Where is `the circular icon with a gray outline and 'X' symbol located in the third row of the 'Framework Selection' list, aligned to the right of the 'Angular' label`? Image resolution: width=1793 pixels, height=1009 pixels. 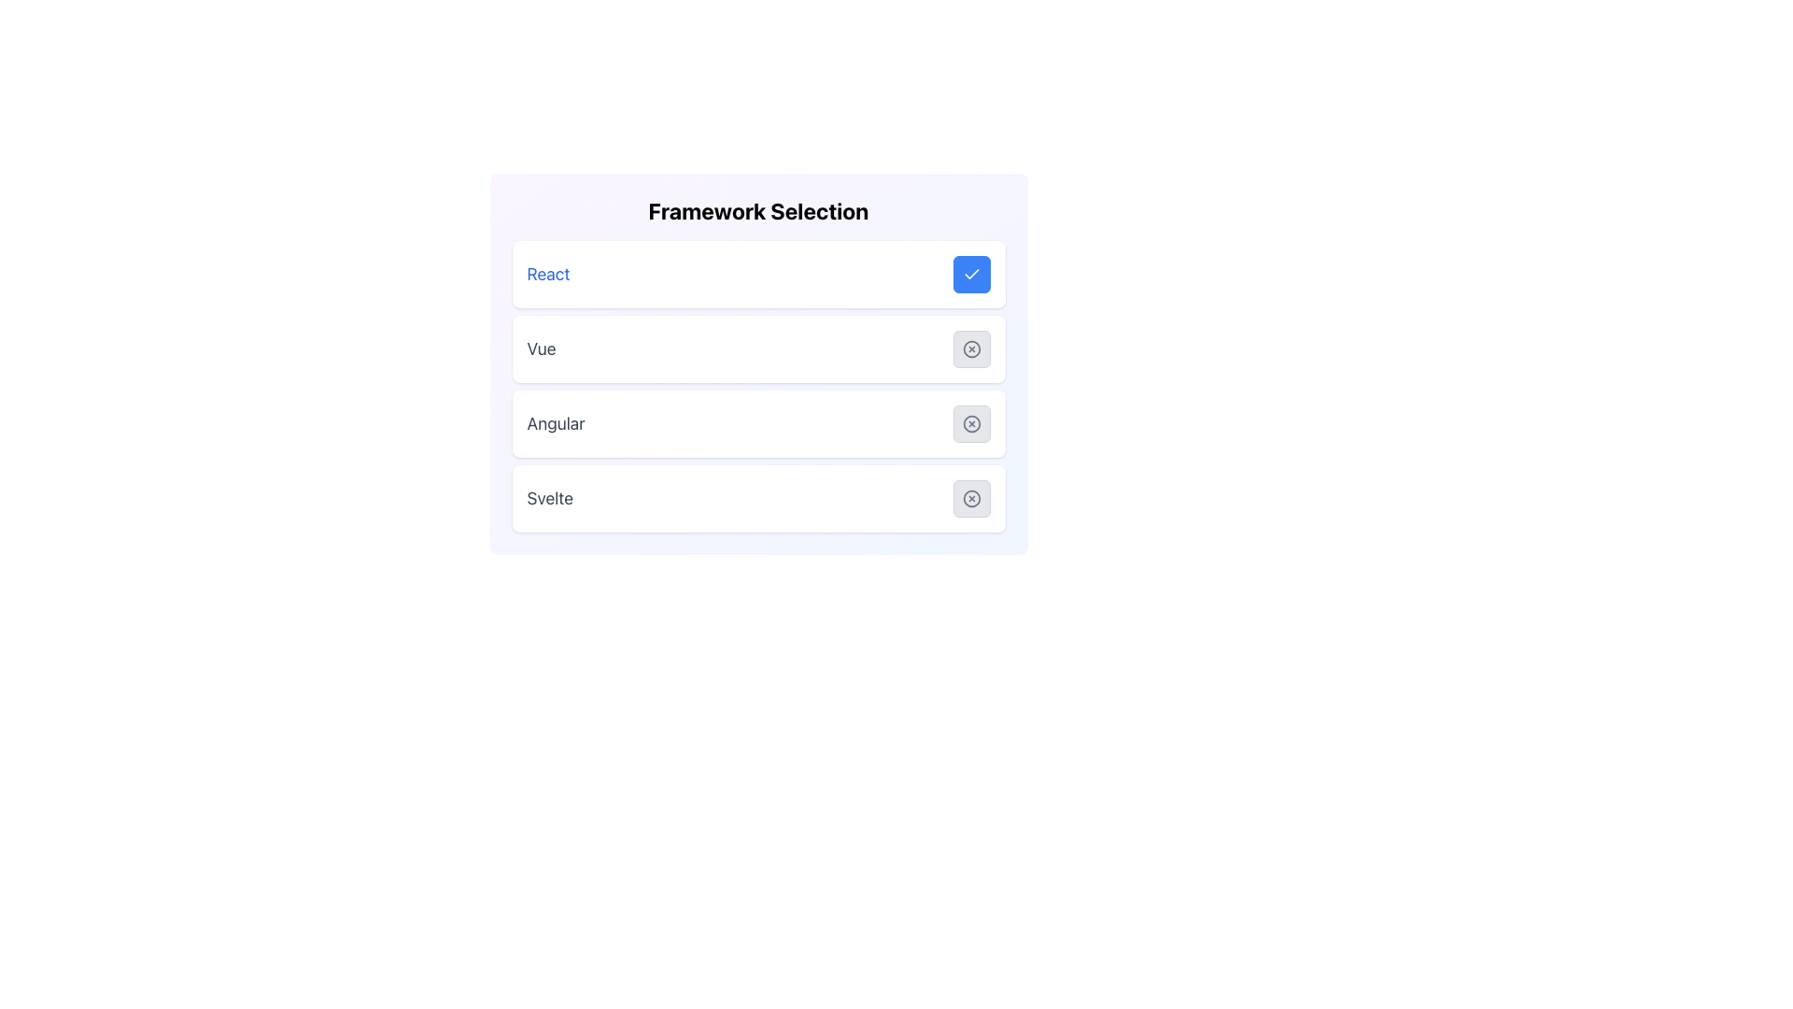
the circular icon with a gray outline and 'X' symbol located in the third row of the 'Framework Selection' list, aligned to the right of the 'Angular' label is located at coordinates (971, 424).